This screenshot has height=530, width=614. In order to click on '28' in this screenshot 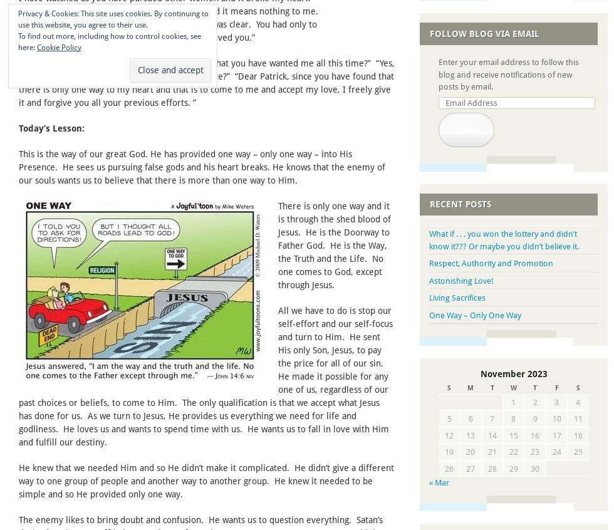, I will do `click(491, 467)`.